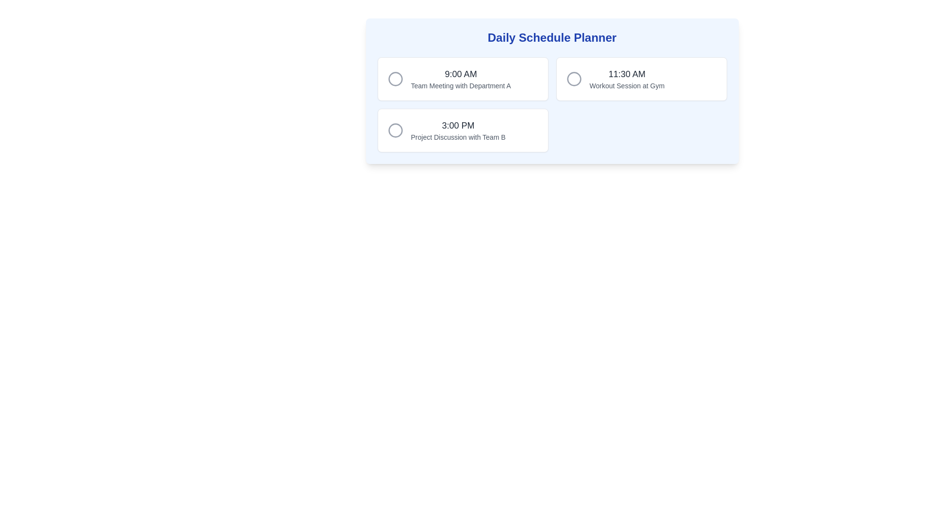 The height and width of the screenshot is (524, 932). Describe the element at coordinates (395, 130) in the screenshot. I see `the circular icon located at the left side of the schedule entry for '3:00 PM Project Discussion with Team B', which serves as a selector for the associated item` at that location.